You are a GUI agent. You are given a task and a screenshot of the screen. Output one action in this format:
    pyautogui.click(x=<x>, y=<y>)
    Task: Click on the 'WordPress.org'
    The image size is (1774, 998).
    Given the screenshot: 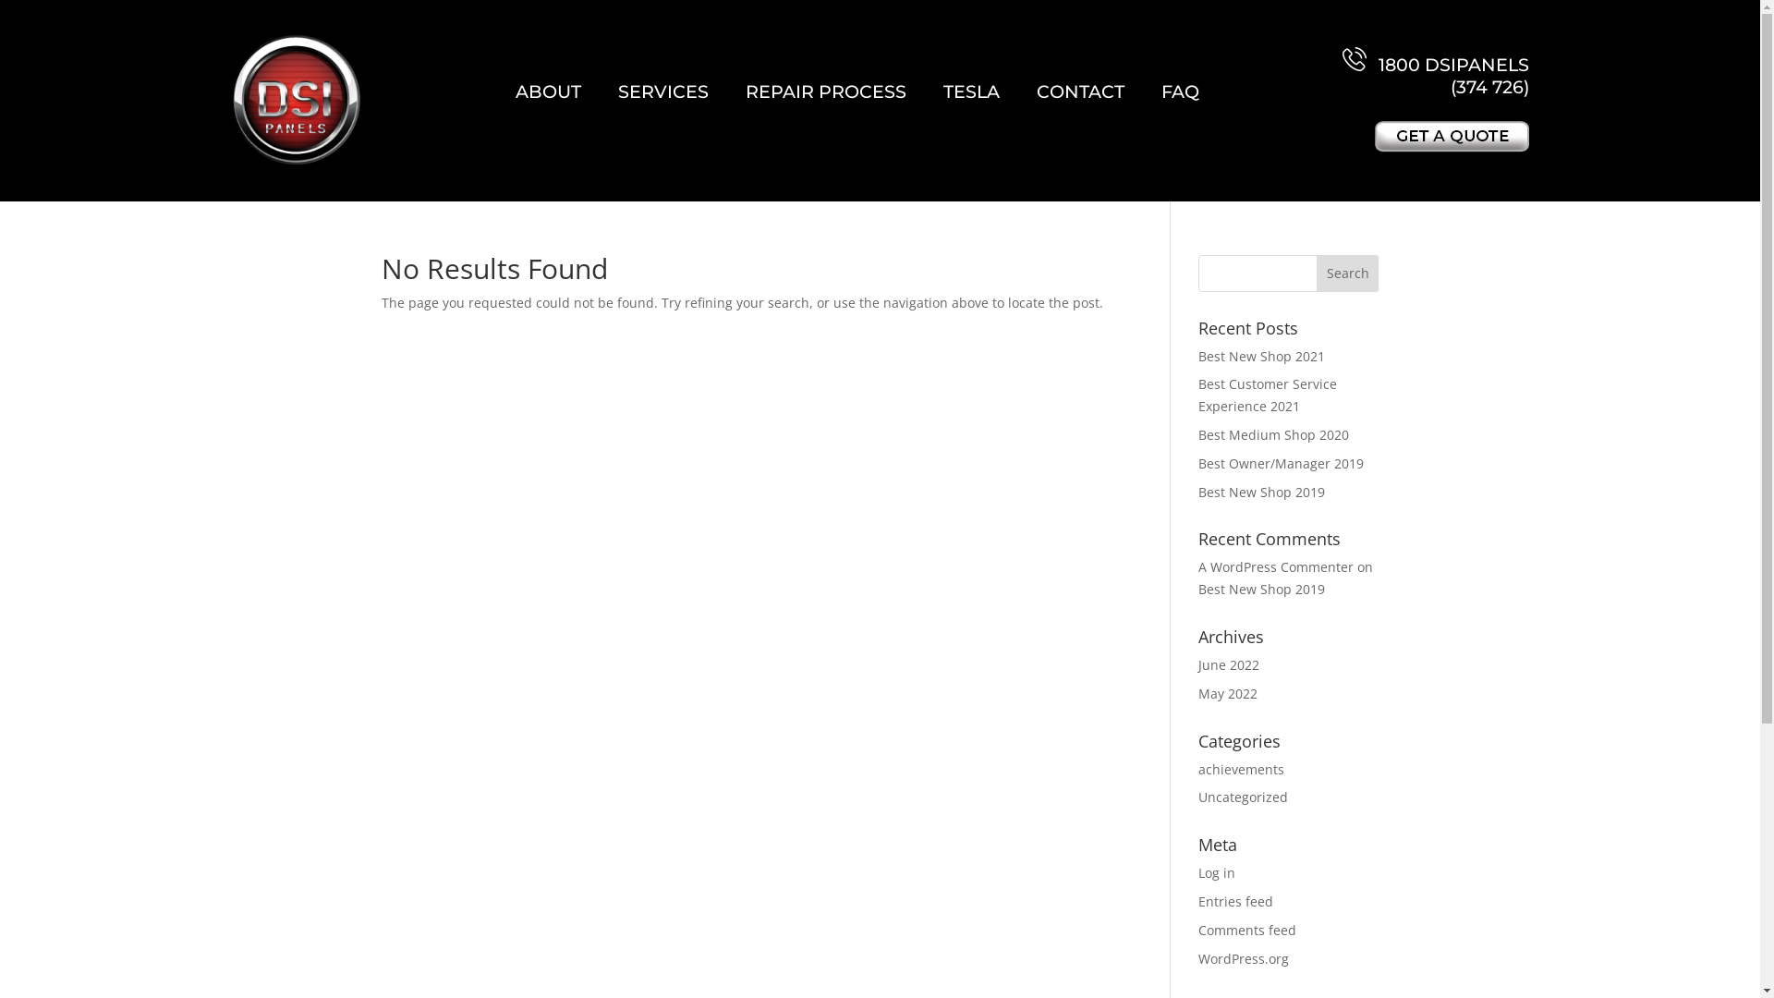 What is the action you would take?
    pyautogui.click(x=1243, y=957)
    